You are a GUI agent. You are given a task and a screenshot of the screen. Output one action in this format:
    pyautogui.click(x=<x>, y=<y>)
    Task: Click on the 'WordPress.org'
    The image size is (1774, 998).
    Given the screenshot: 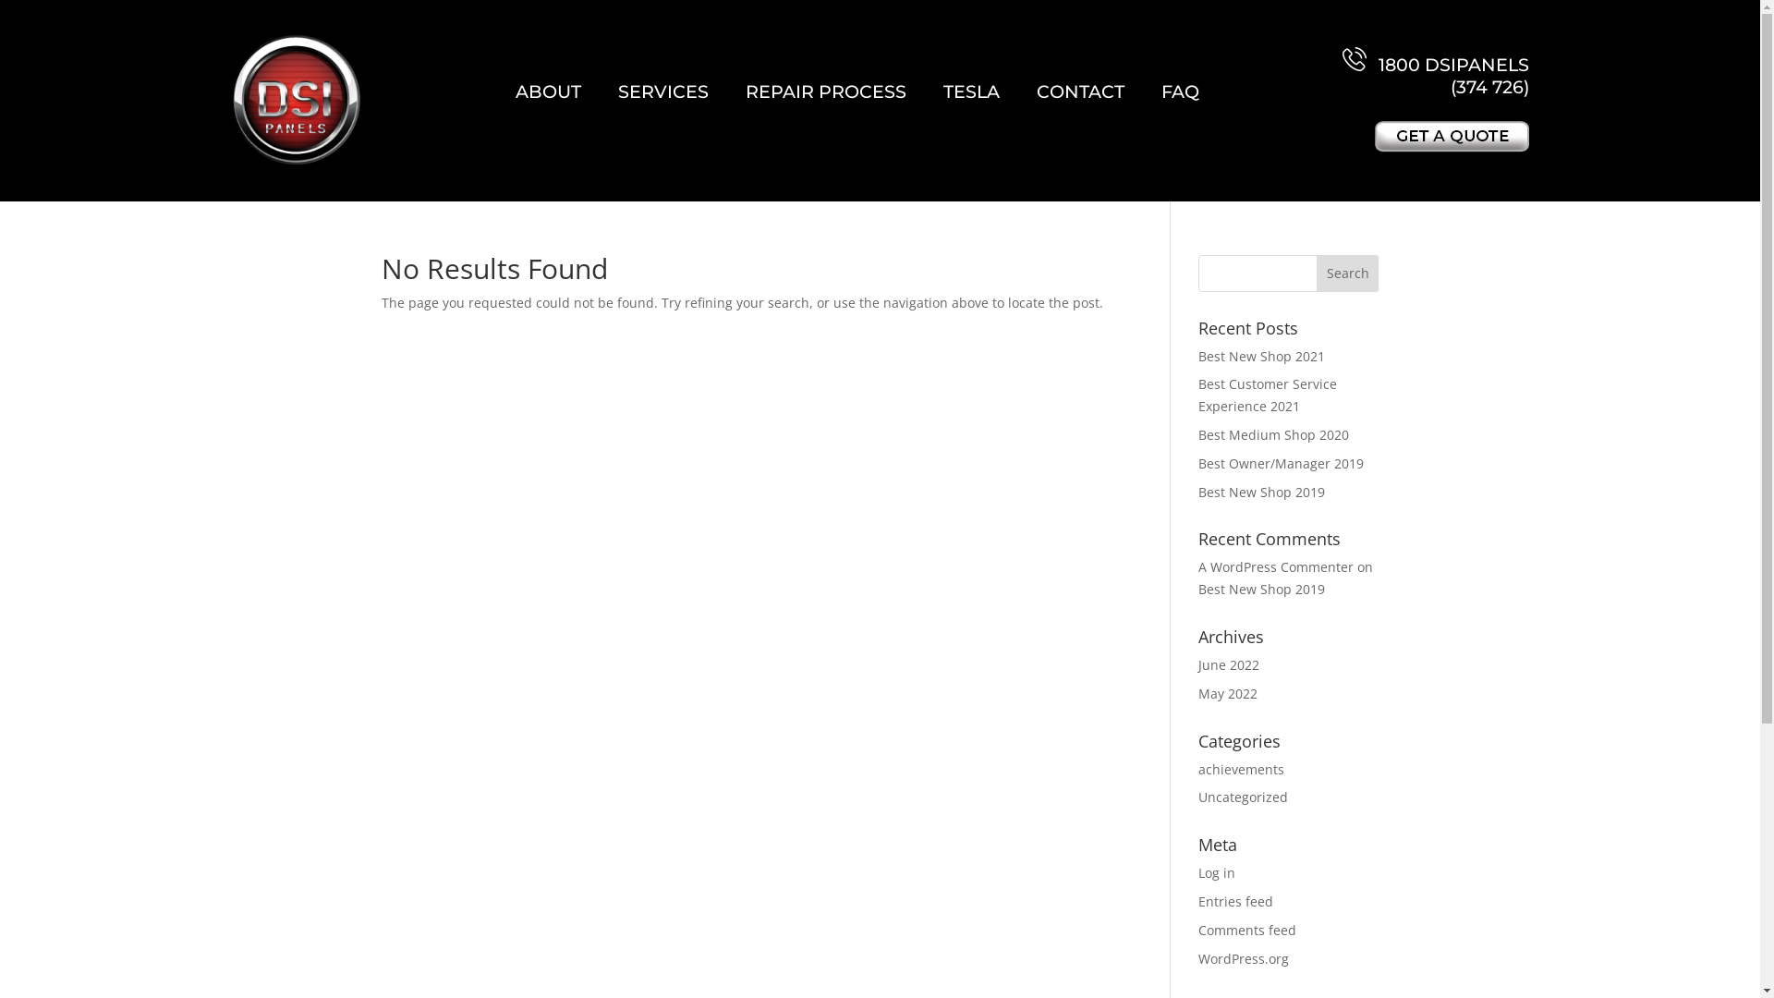 What is the action you would take?
    pyautogui.click(x=1243, y=957)
    